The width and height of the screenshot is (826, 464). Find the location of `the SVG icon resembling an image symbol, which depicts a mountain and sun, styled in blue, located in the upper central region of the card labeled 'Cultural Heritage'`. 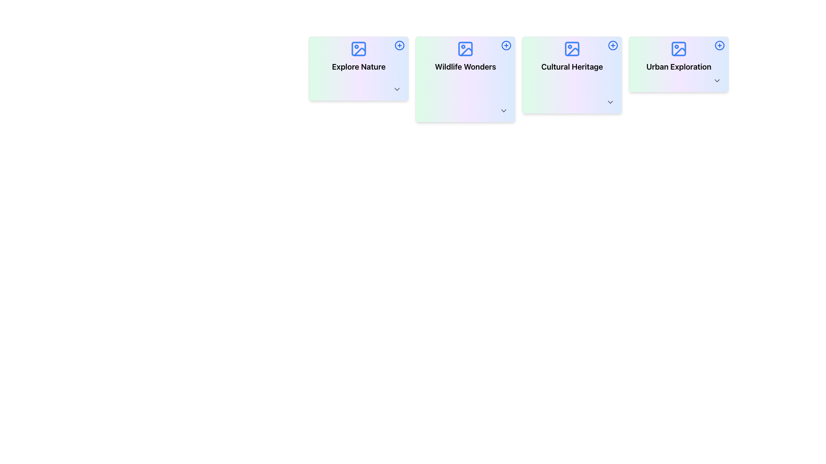

the SVG icon resembling an image symbol, which depicts a mountain and sun, styled in blue, located in the upper central region of the card labeled 'Cultural Heritage' is located at coordinates (572, 49).